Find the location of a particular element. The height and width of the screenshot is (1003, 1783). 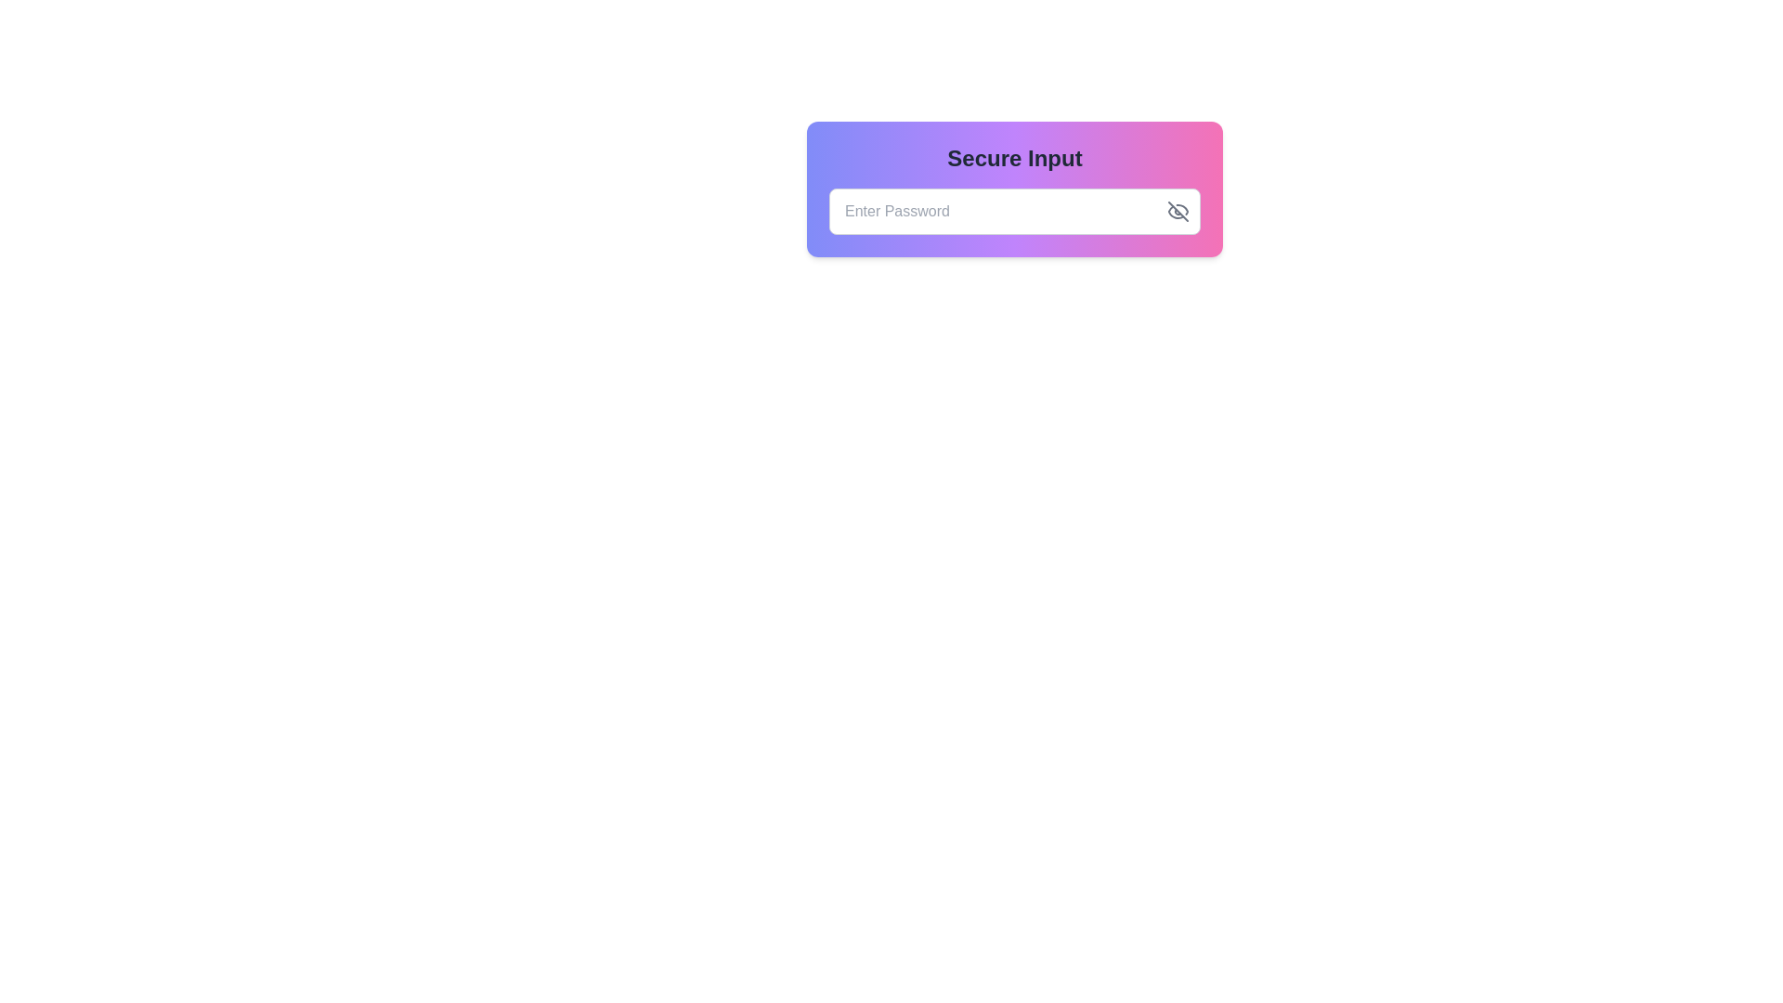

the button with a crossed-out eye icon is located at coordinates (1177, 210).